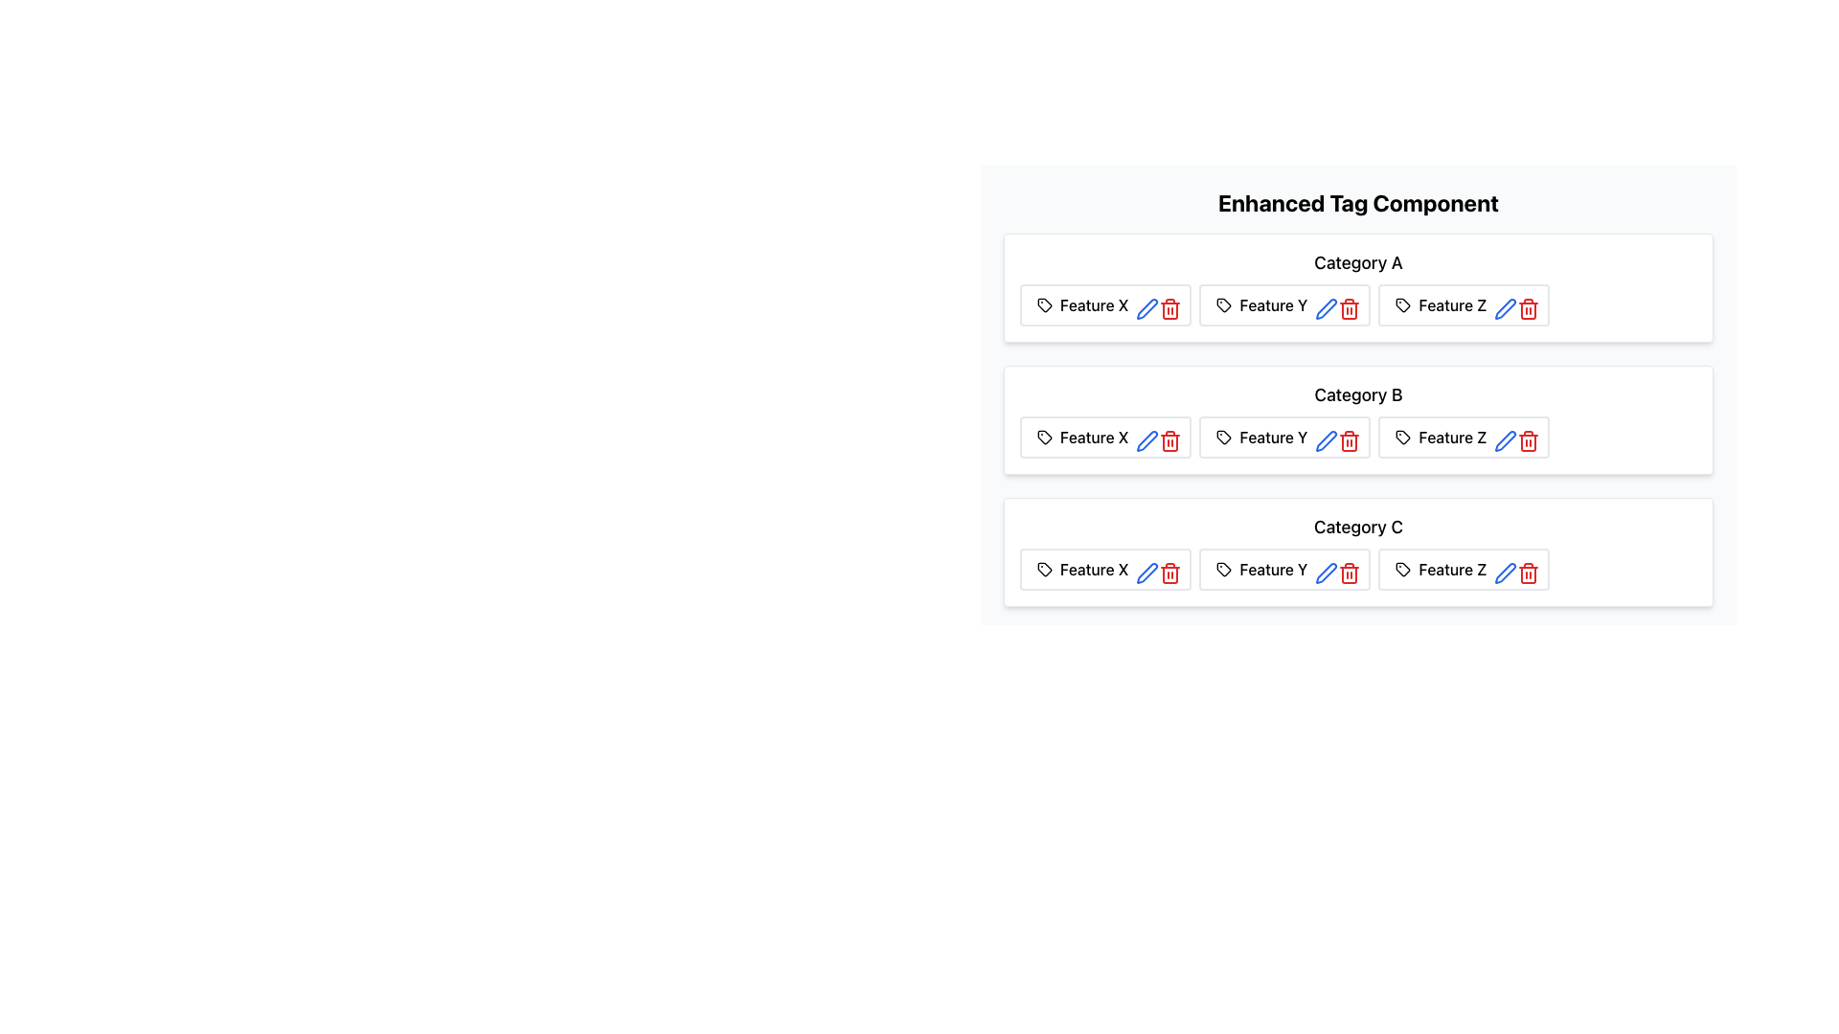  I want to click on the blue outline of the pen icon located just right of the 'Feature Z' label to initiate an edit action, so click(1505, 441).